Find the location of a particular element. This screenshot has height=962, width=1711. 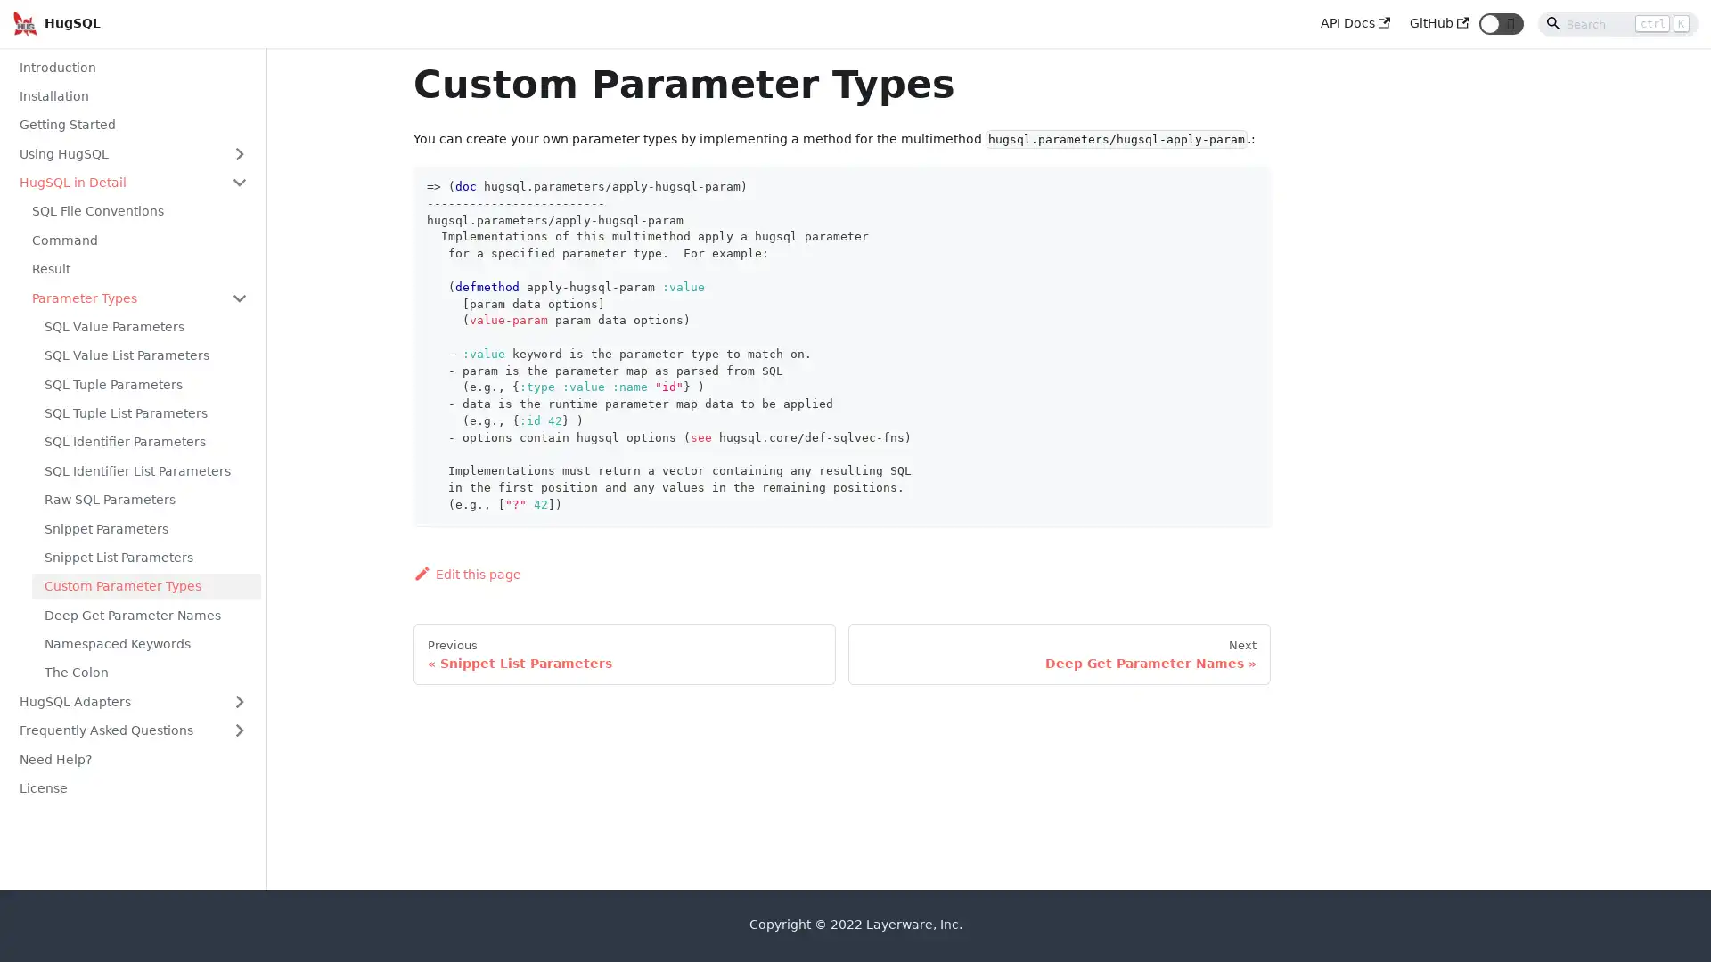

Toggle the collapsible sidebar category 'HugSQL in Detail' is located at coordinates (238, 182).